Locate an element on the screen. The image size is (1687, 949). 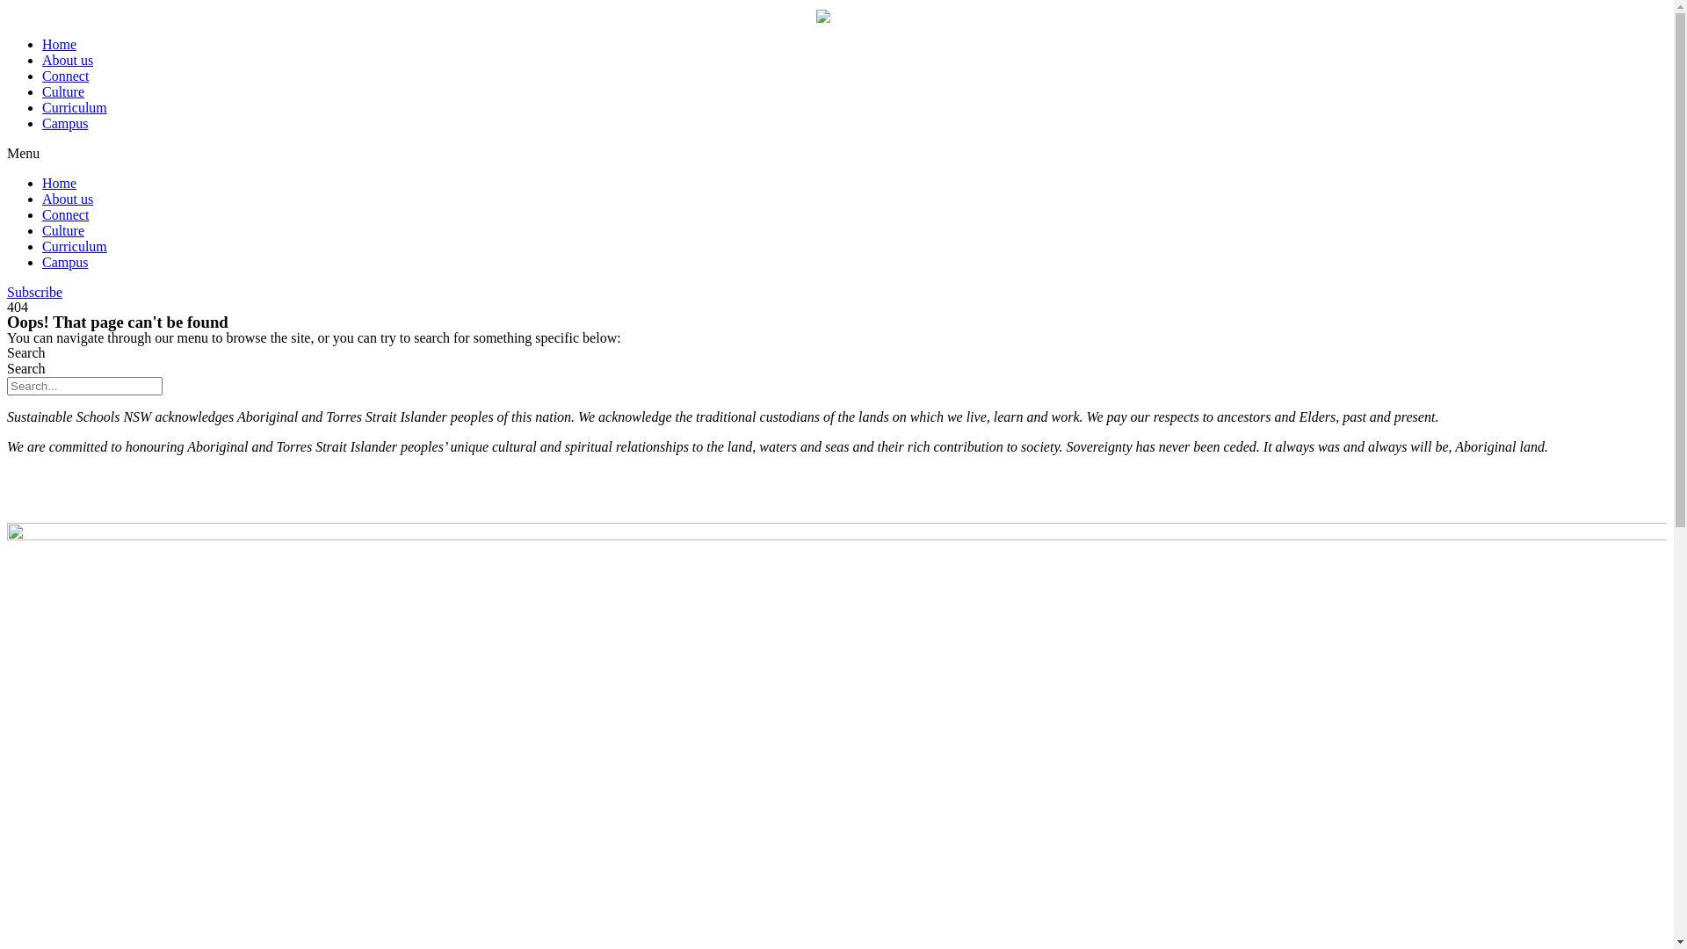
'Home' is located at coordinates (59, 183).